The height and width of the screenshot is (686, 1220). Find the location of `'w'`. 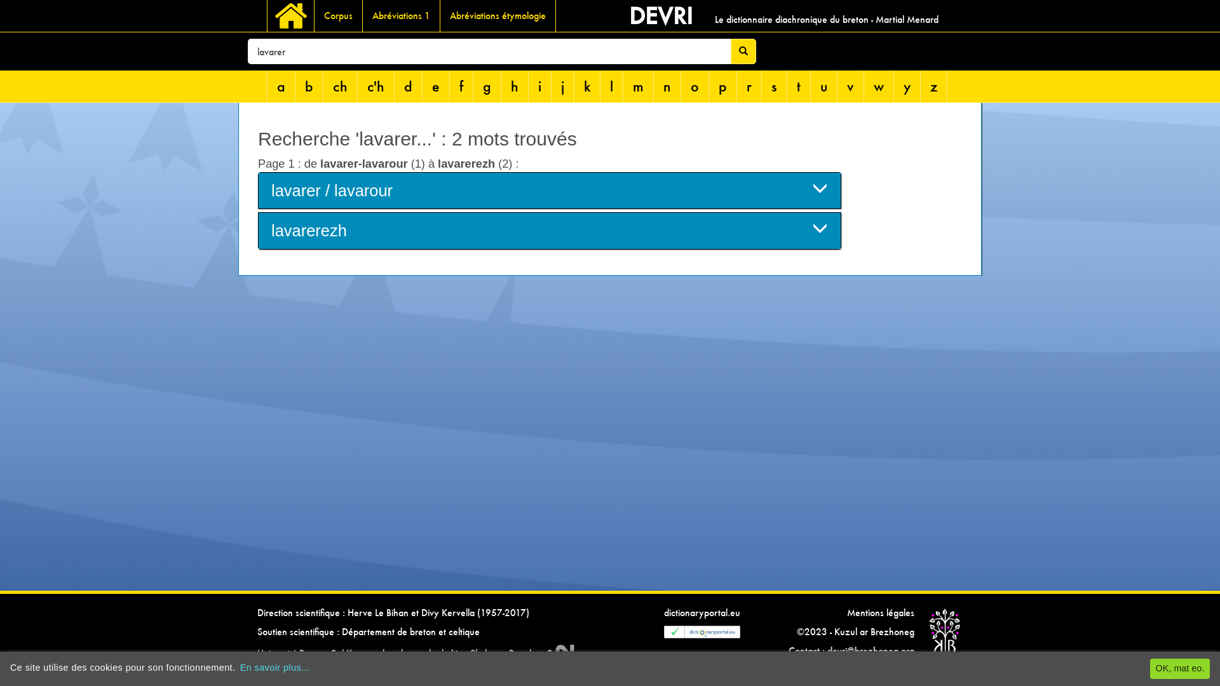

'w' is located at coordinates (878, 86).